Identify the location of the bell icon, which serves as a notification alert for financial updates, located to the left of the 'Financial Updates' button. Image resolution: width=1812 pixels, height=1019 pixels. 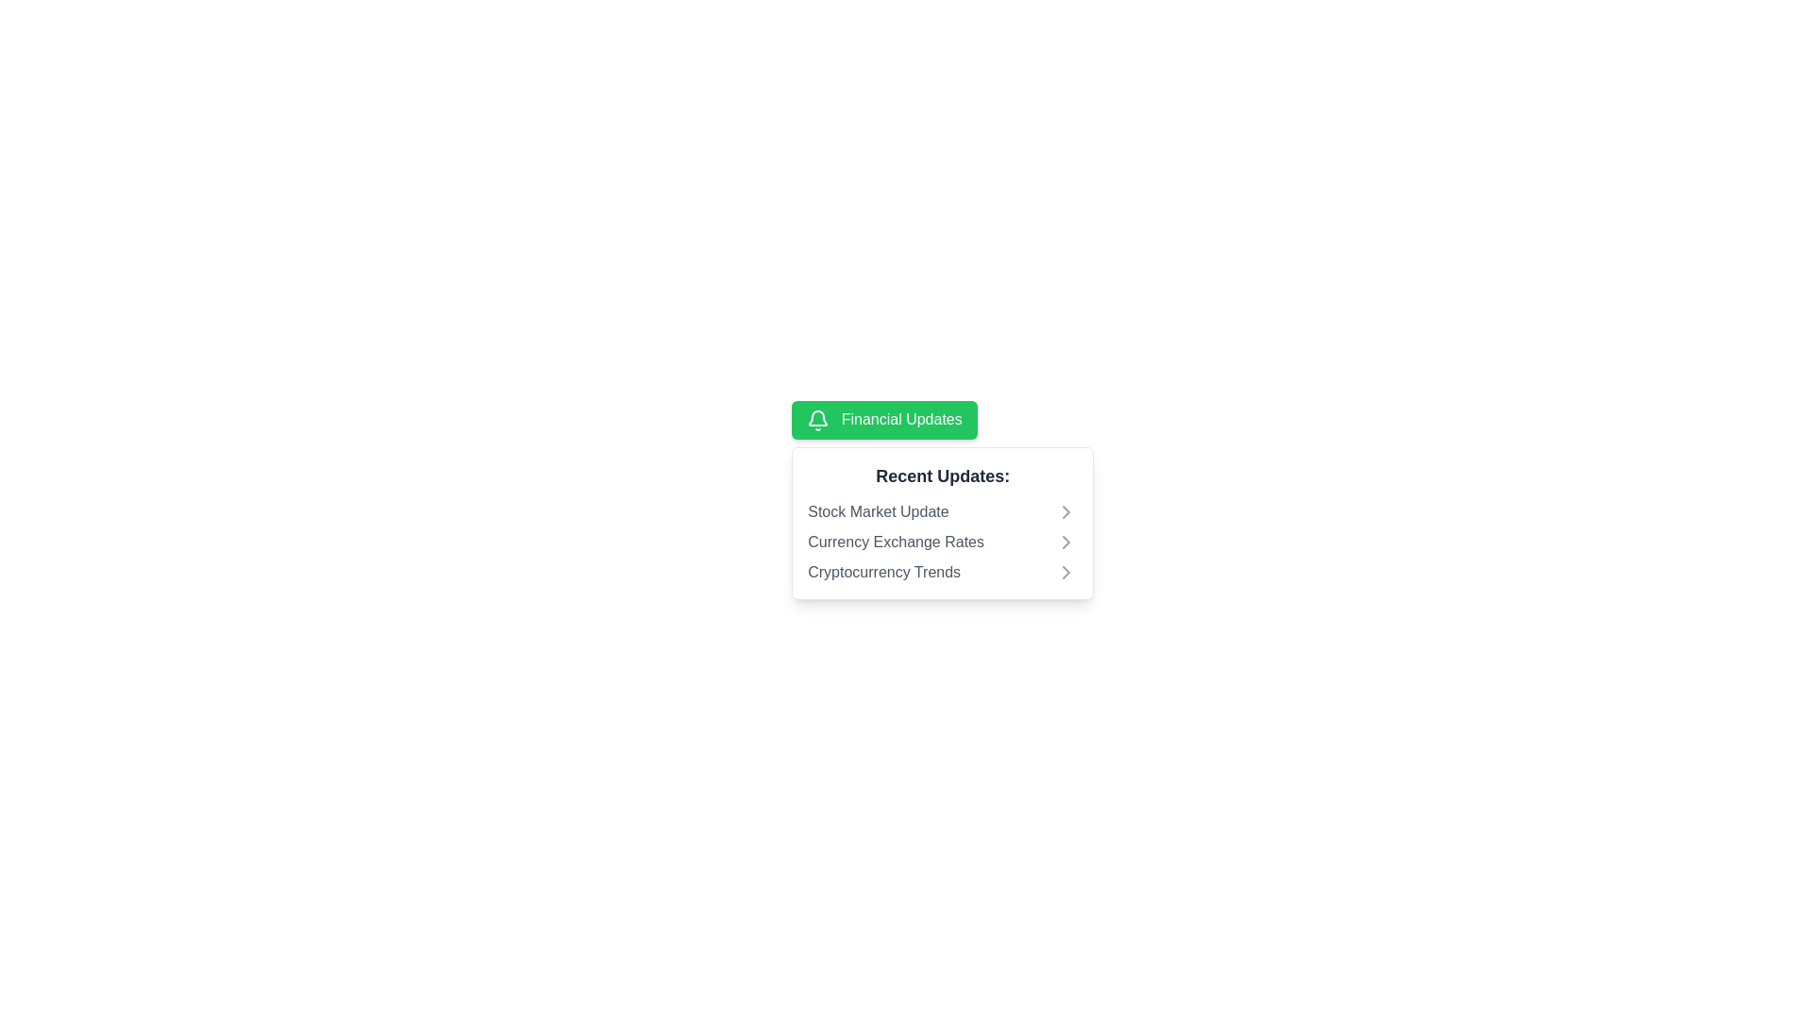
(818, 419).